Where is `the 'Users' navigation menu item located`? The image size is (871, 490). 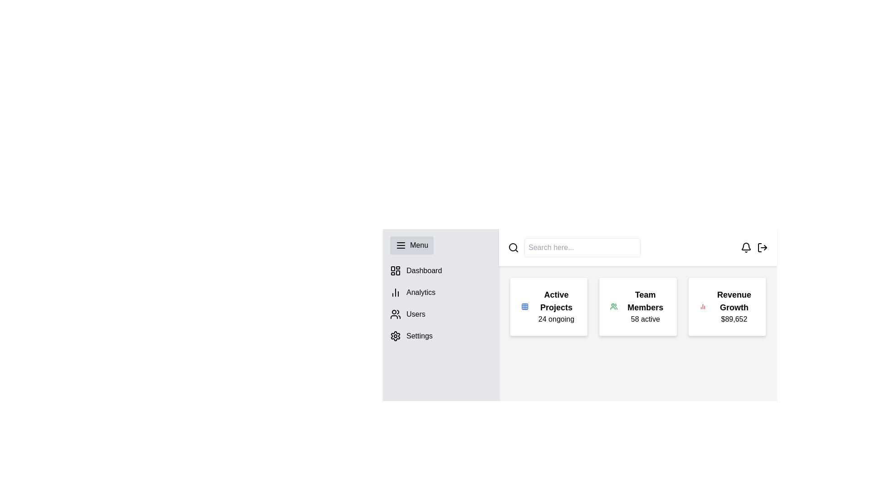 the 'Users' navigation menu item located is located at coordinates (440, 314).